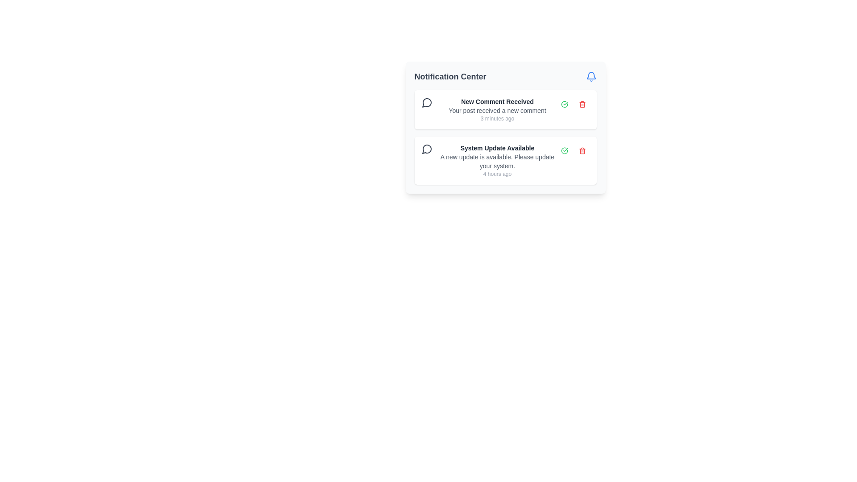  Describe the element at coordinates (564, 150) in the screenshot. I see `the button with an icon located in the second notification entry titled 'System Update Available' to acknowledge or confirm the notification` at that location.